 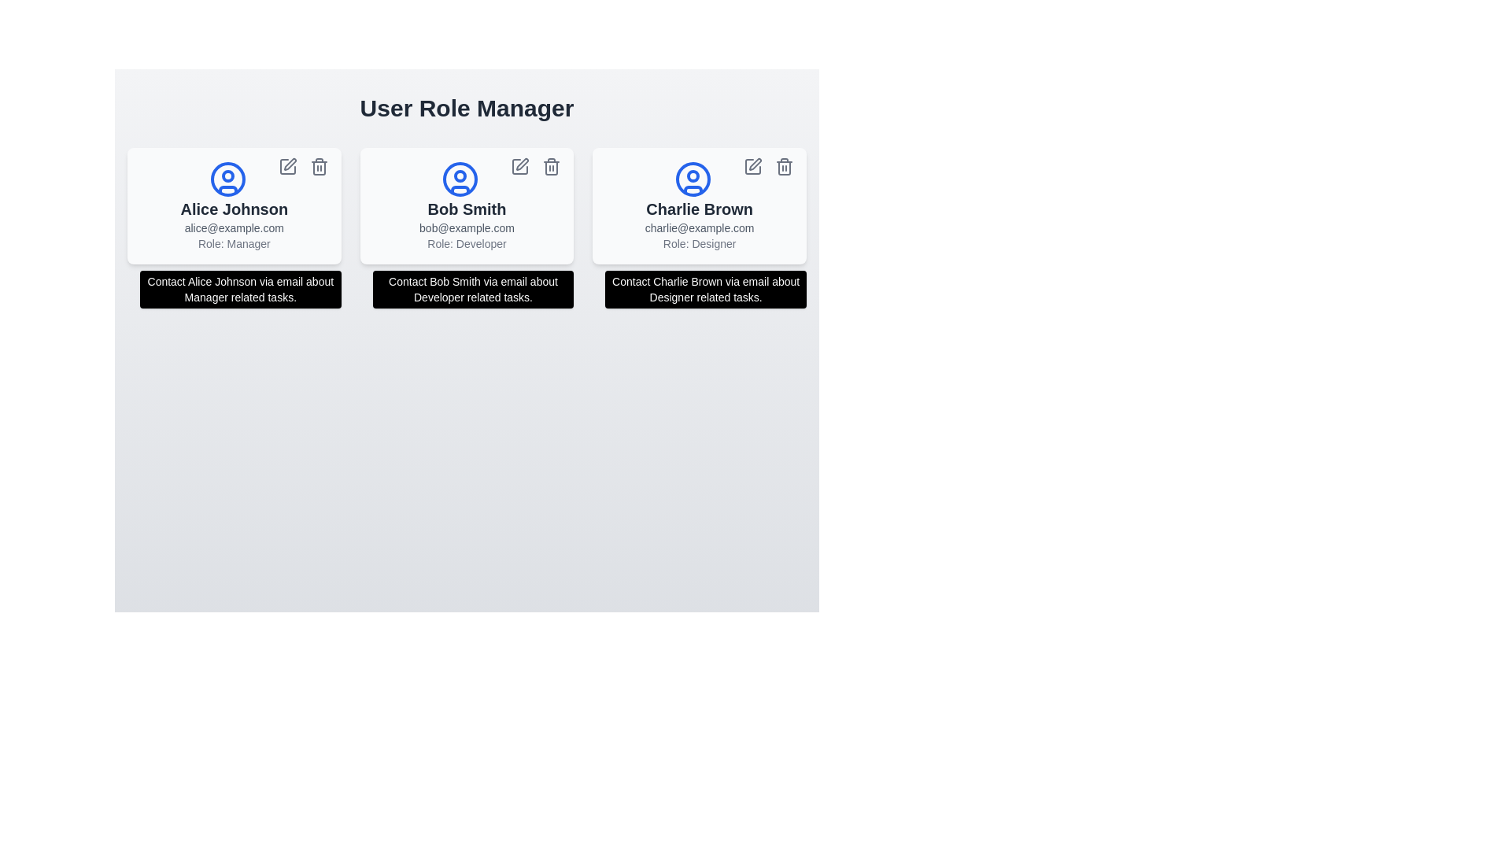 What do you see at coordinates (699, 209) in the screenshot?
I see `text content of the user name displayed prominently at the upper-middle portion of the user card, which is the first text element above the email and role information` at bounding box center [699, 209].